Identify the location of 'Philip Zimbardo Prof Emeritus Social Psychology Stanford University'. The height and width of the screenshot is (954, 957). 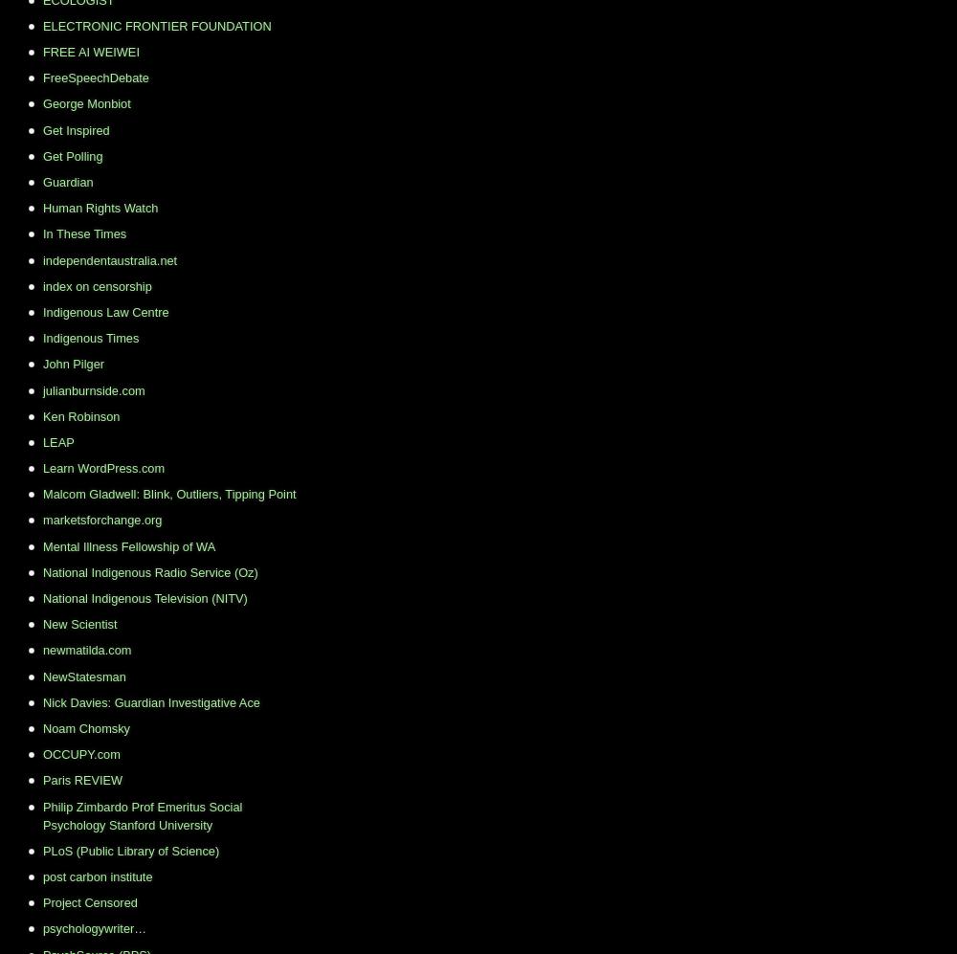
(143, 815).